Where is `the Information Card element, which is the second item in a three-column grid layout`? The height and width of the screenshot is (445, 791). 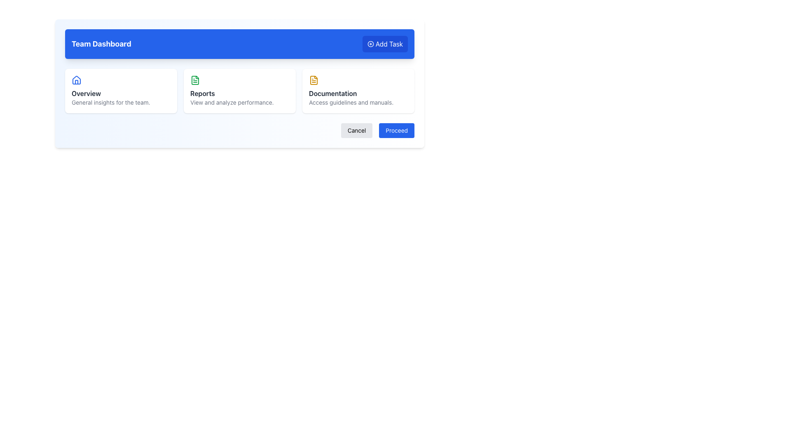
the Information Card element, which is the second item in a three-column grid layout is located at coordinates (239, 91).